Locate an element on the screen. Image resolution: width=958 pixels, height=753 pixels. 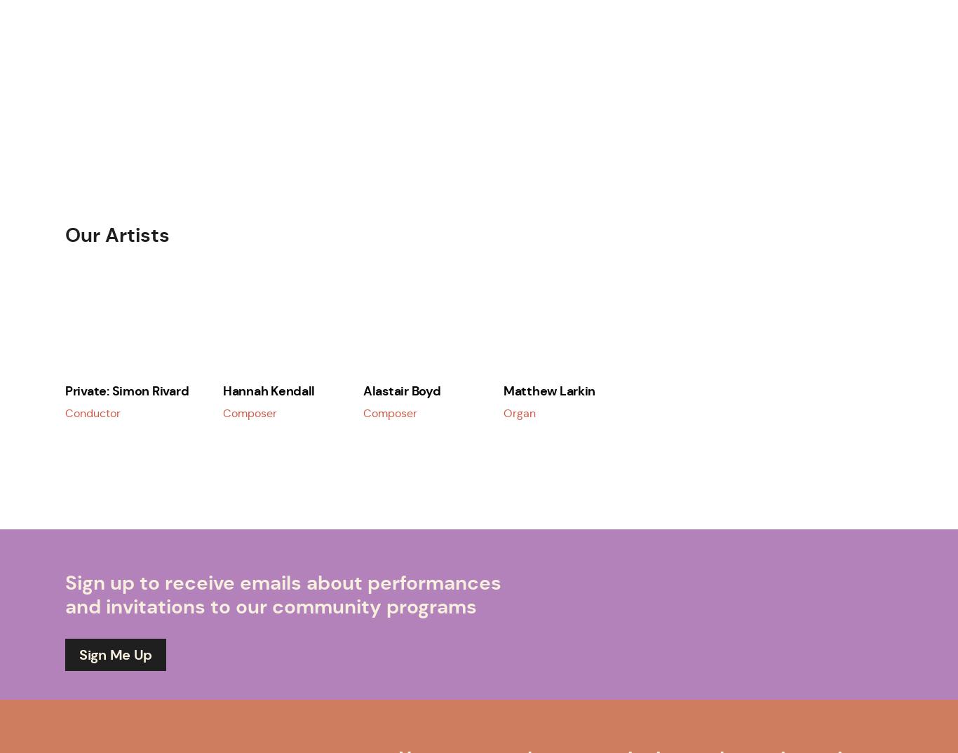
'Matthew Larkin' is located at coordinates (549, 389).